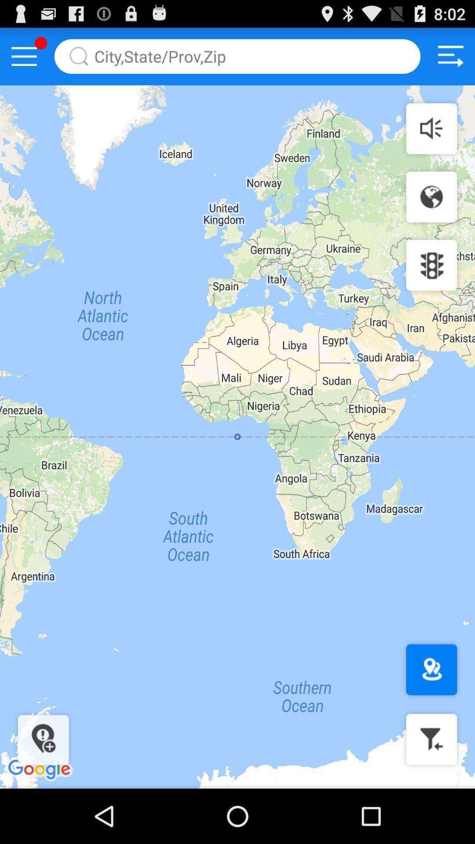 This screenshot has height=844, width=475. What do you see at coordinates (431, 210) in the screenshot?
I see `the globe icon` at bounding box center [431, 210].